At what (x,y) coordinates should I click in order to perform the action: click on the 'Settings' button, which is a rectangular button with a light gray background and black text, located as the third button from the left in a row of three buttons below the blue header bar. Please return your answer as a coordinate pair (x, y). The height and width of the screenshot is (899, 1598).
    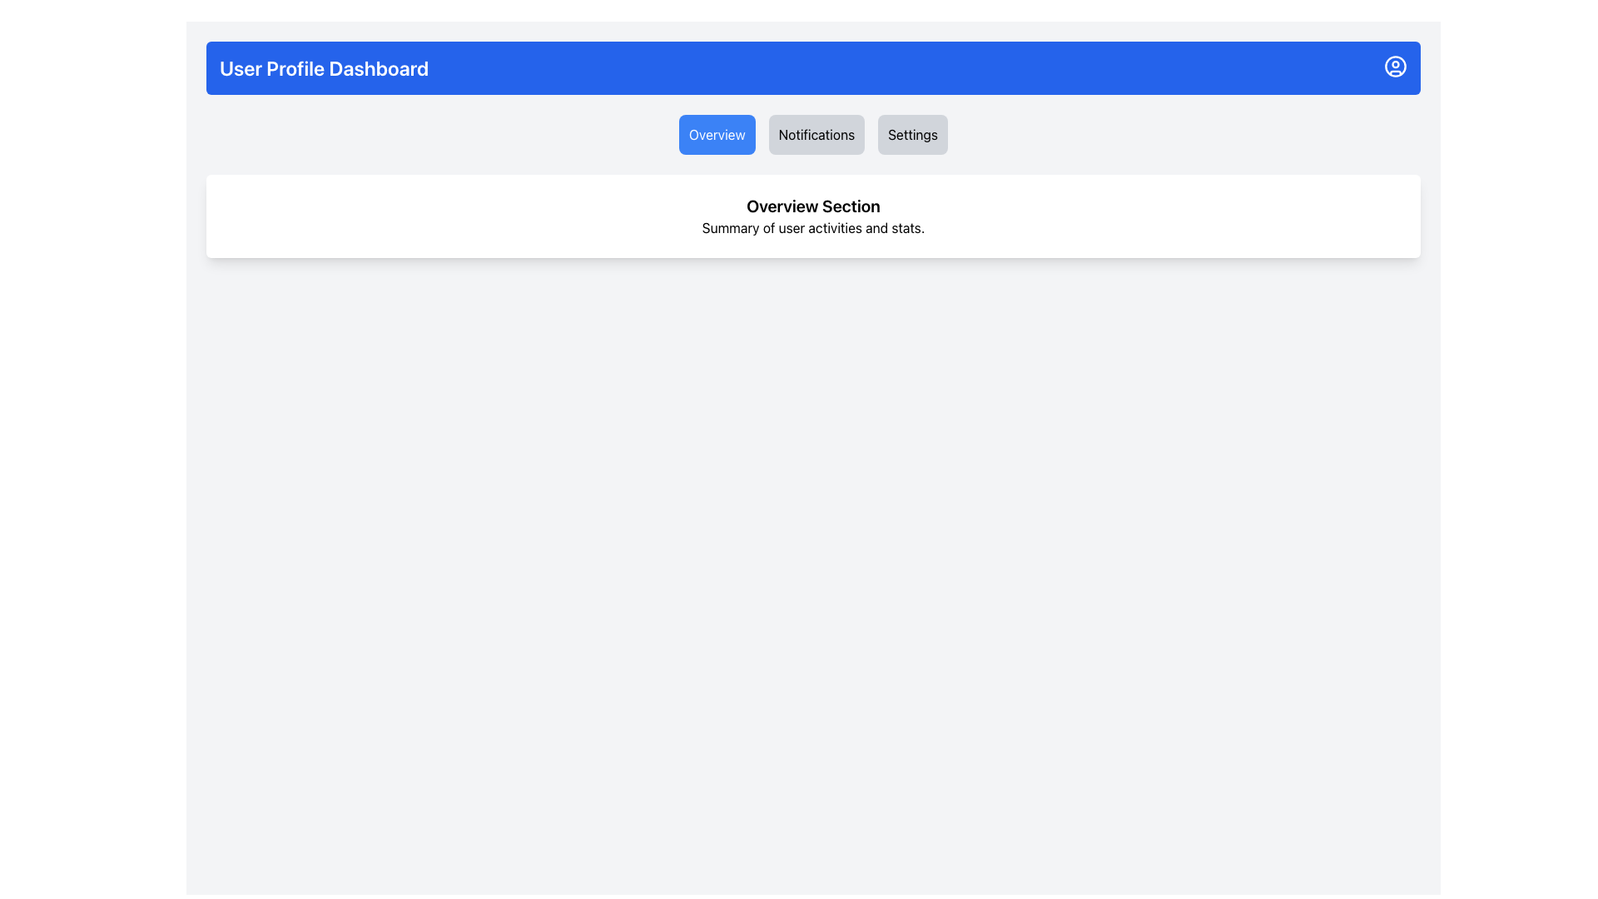
    Looking at the image, I should click on (912, 134).